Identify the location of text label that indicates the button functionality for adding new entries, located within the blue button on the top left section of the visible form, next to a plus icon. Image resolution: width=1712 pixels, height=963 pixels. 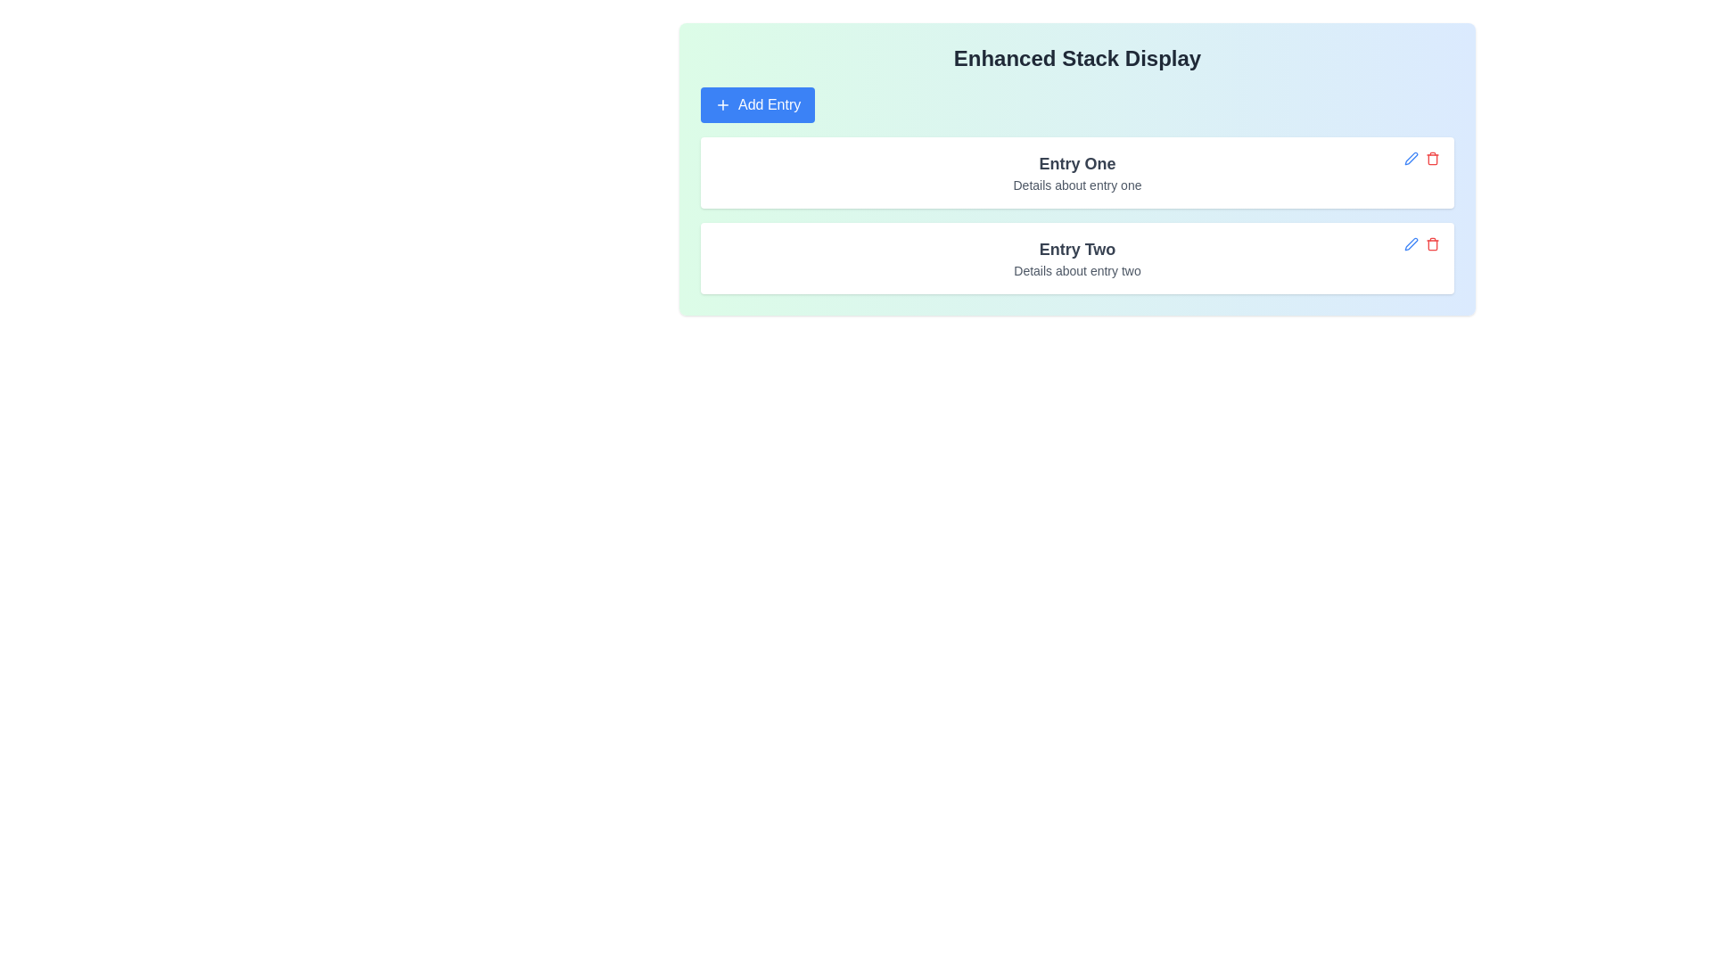
(770, 105).